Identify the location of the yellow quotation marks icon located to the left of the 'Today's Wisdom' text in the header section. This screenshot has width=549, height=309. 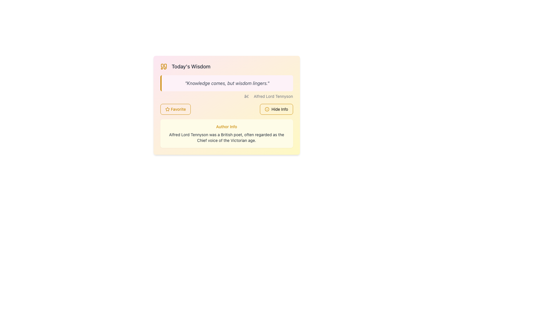
(163, 66).